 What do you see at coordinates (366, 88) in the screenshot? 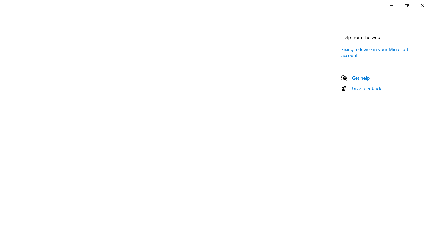
I see `'Give feedback'` at bounding box center [366, 88].